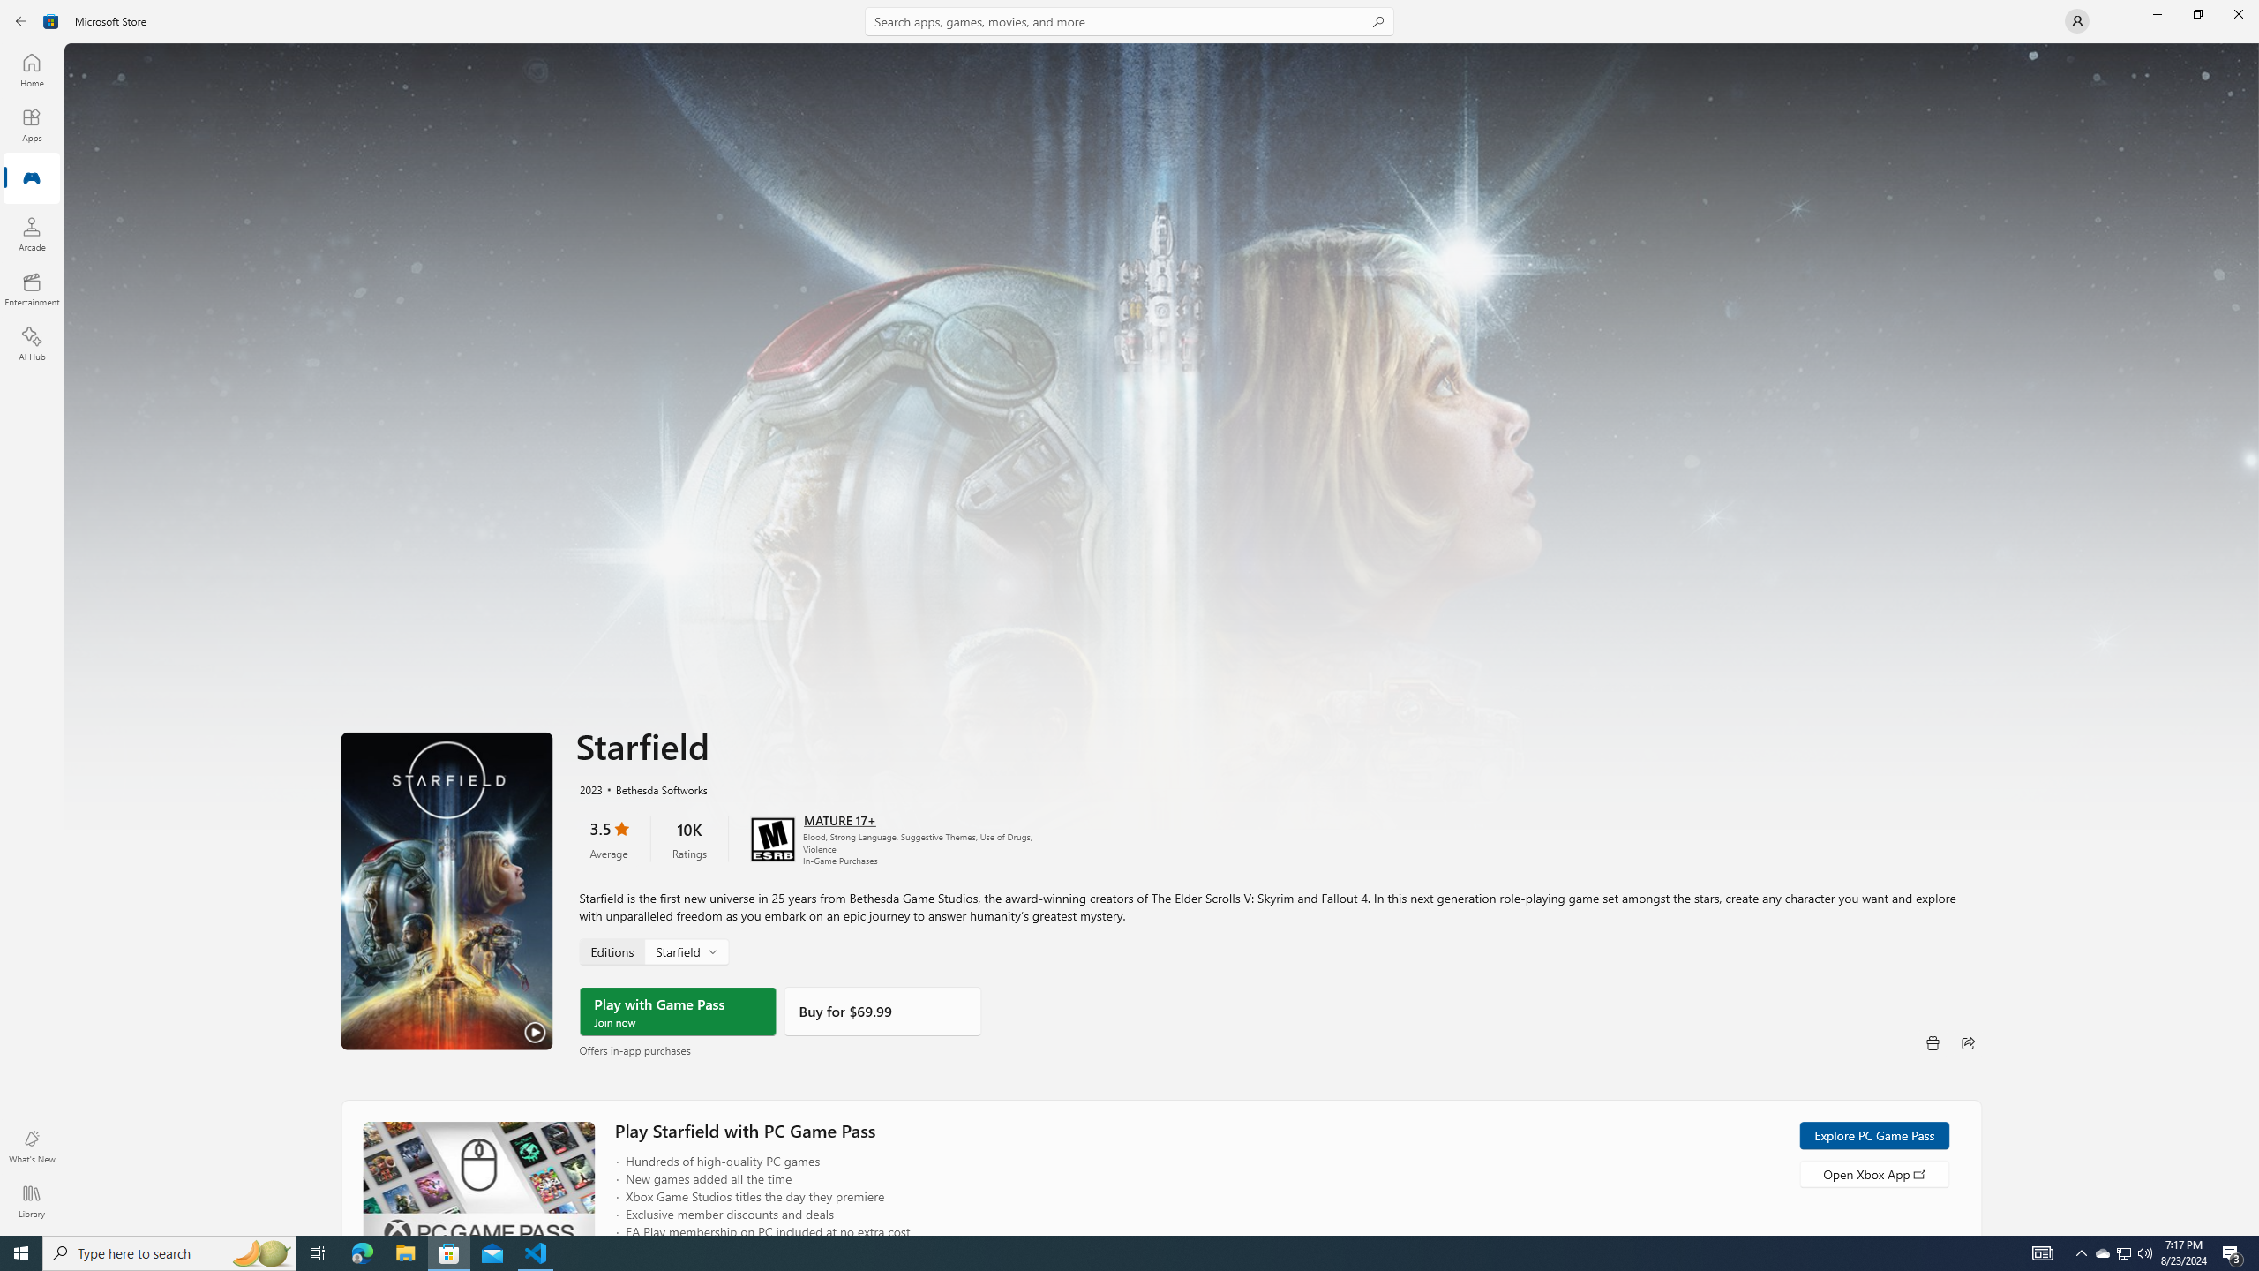 The height and width of the screenshot is (1271, 2259). Describe the element at coordinates (2156, 13) in the screenshot. I see `'Minimize Microsoft Store'` at that location.